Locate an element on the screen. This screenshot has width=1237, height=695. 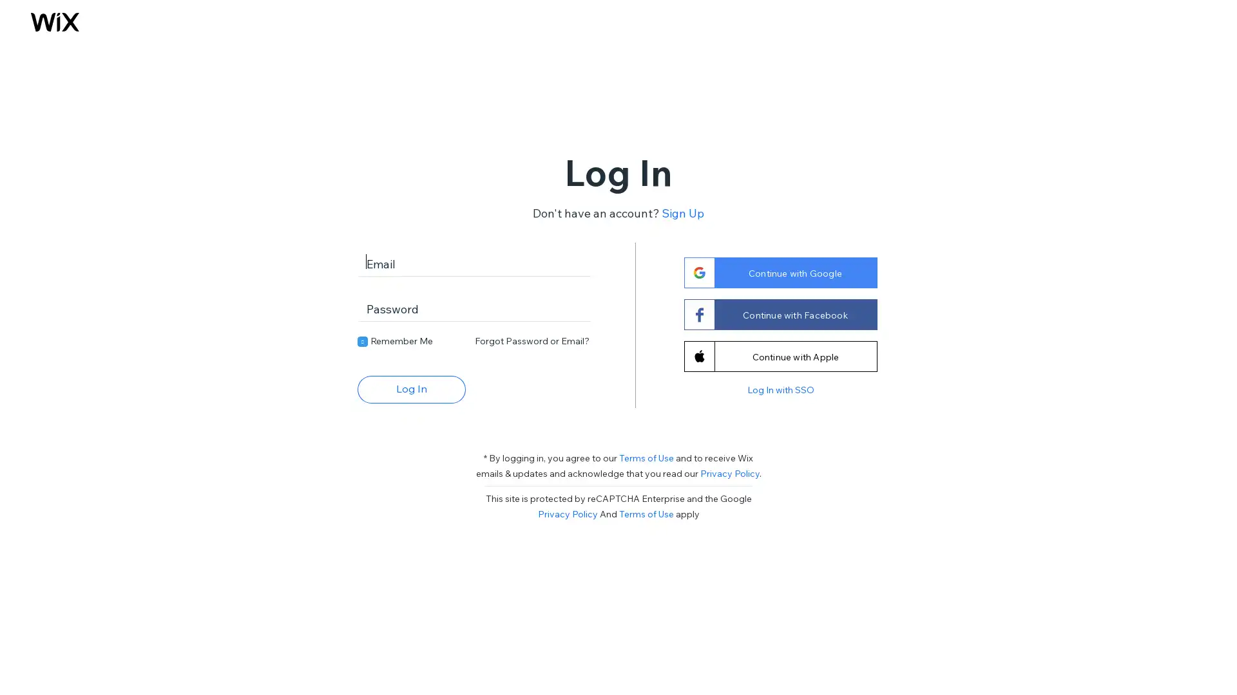
Continue with Facebook is located at coordinates (779, 314).